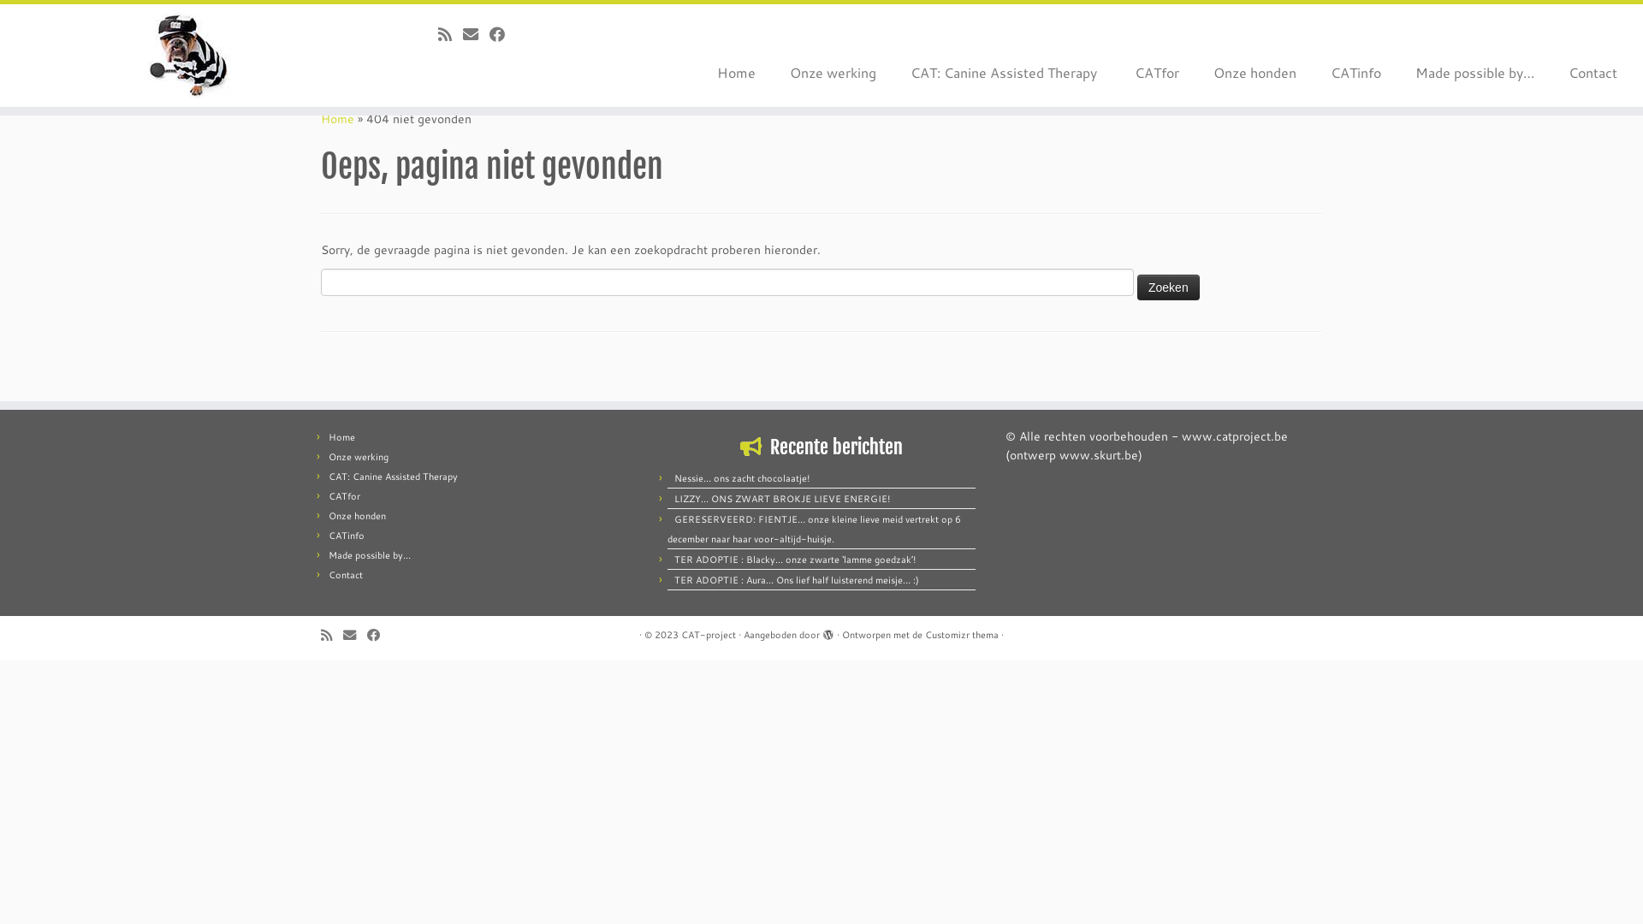  What do you see at coordinates (332, 635) in the screenshot?
I see `'Abonneer op mijn RSS feed'` at bounding box center [332, 635].